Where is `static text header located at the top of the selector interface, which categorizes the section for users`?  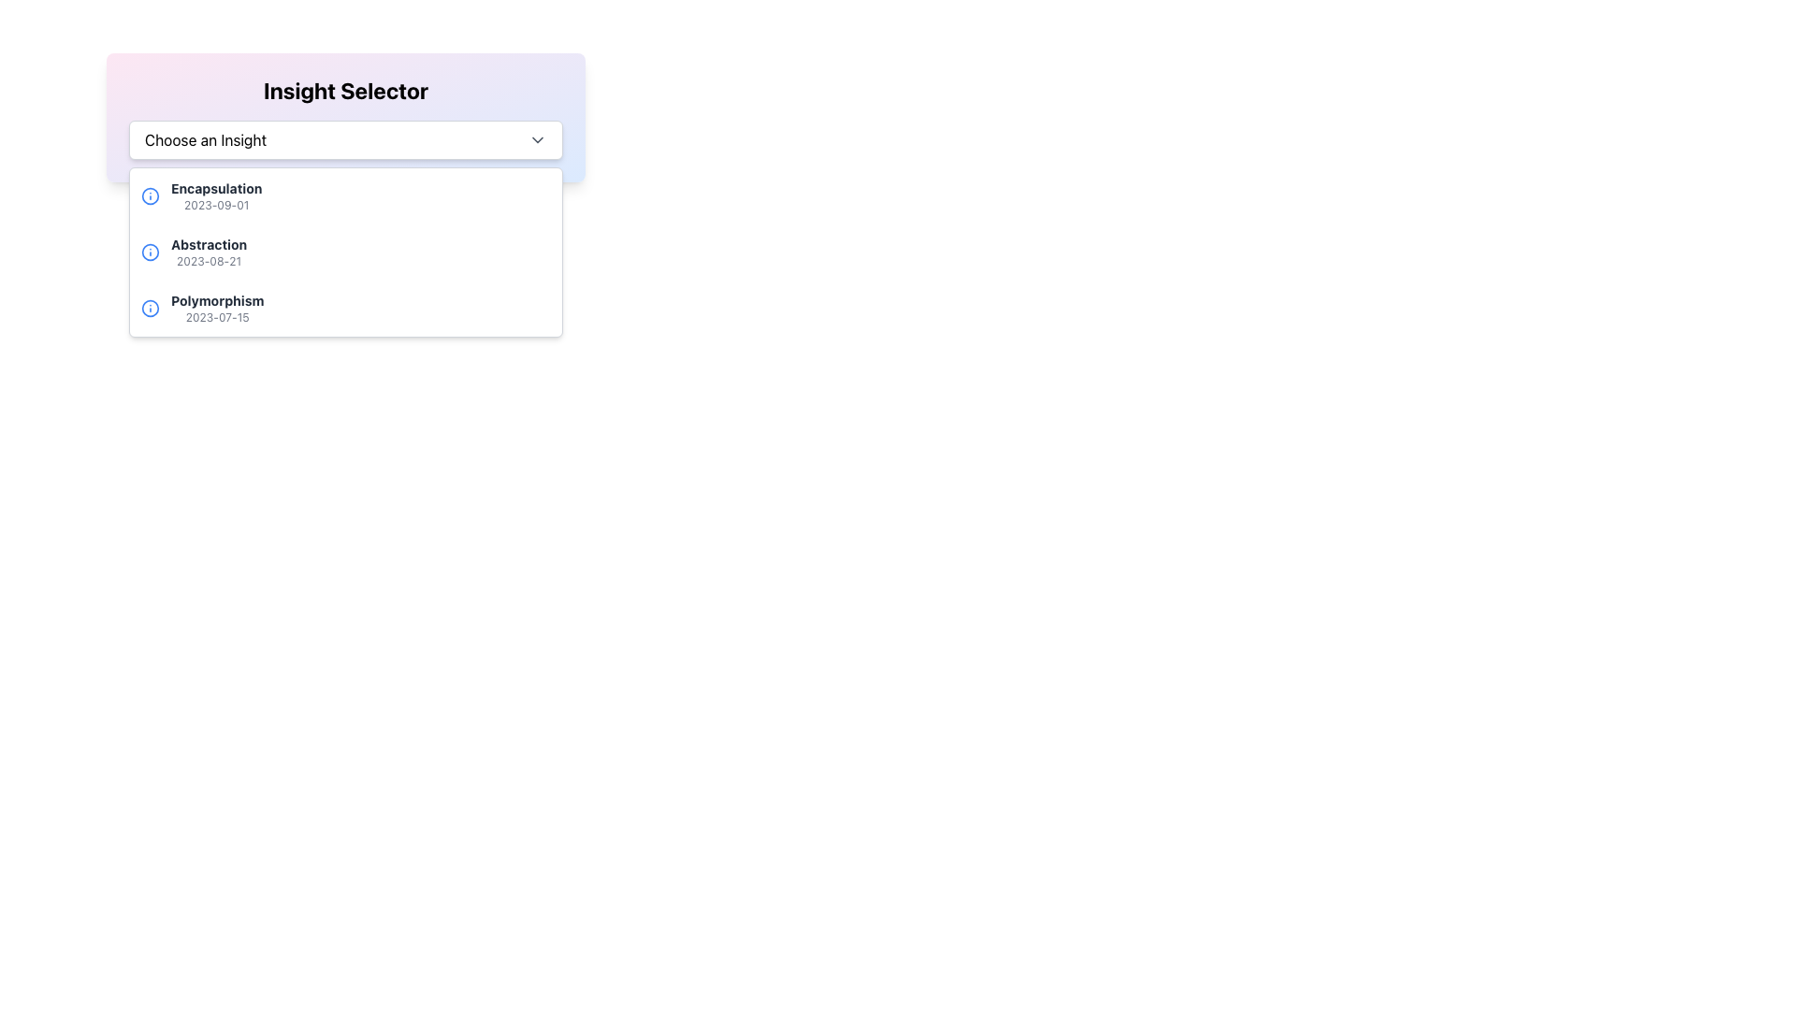 static text header located at the top of the selector interface, which categorizes the section for users is located at coordinates (345, 90).